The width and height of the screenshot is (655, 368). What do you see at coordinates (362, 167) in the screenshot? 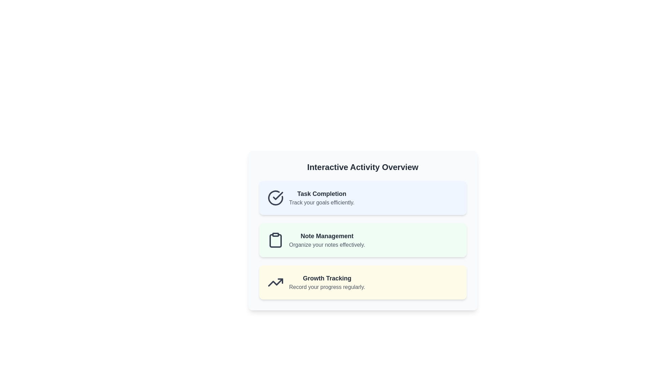
I see `the text label that reads 'Interactive Activity Overview', which is styled with a large bold font and positioned at the top of a card layout` at bounding box center [362, 167].